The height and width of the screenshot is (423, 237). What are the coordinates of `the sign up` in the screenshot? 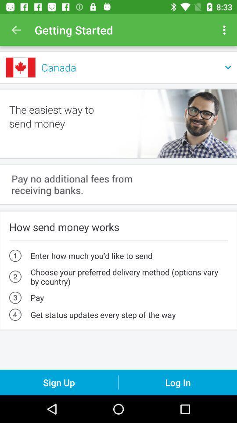 It's located at (59, 382).